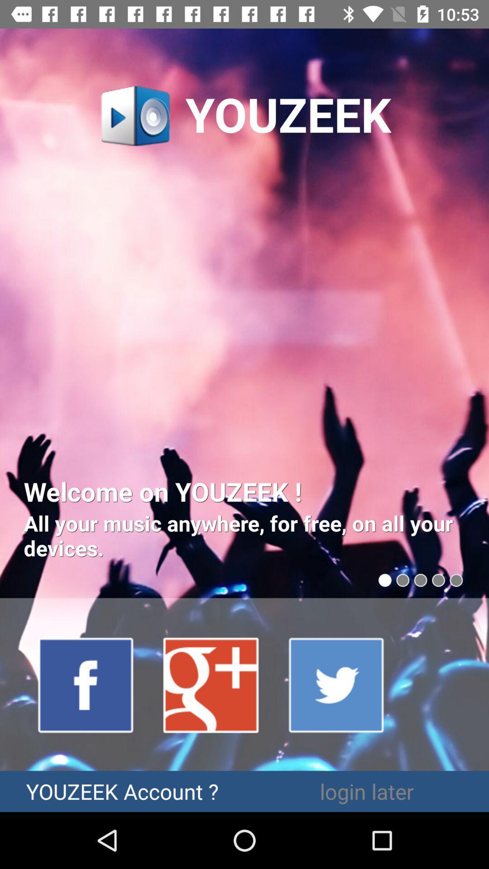 The height and width of the screenshot is (869, 489). Describe the element at coordinates (367, 791) in the screenshot. I see `the icon next to the youzeek account ?` at that location.